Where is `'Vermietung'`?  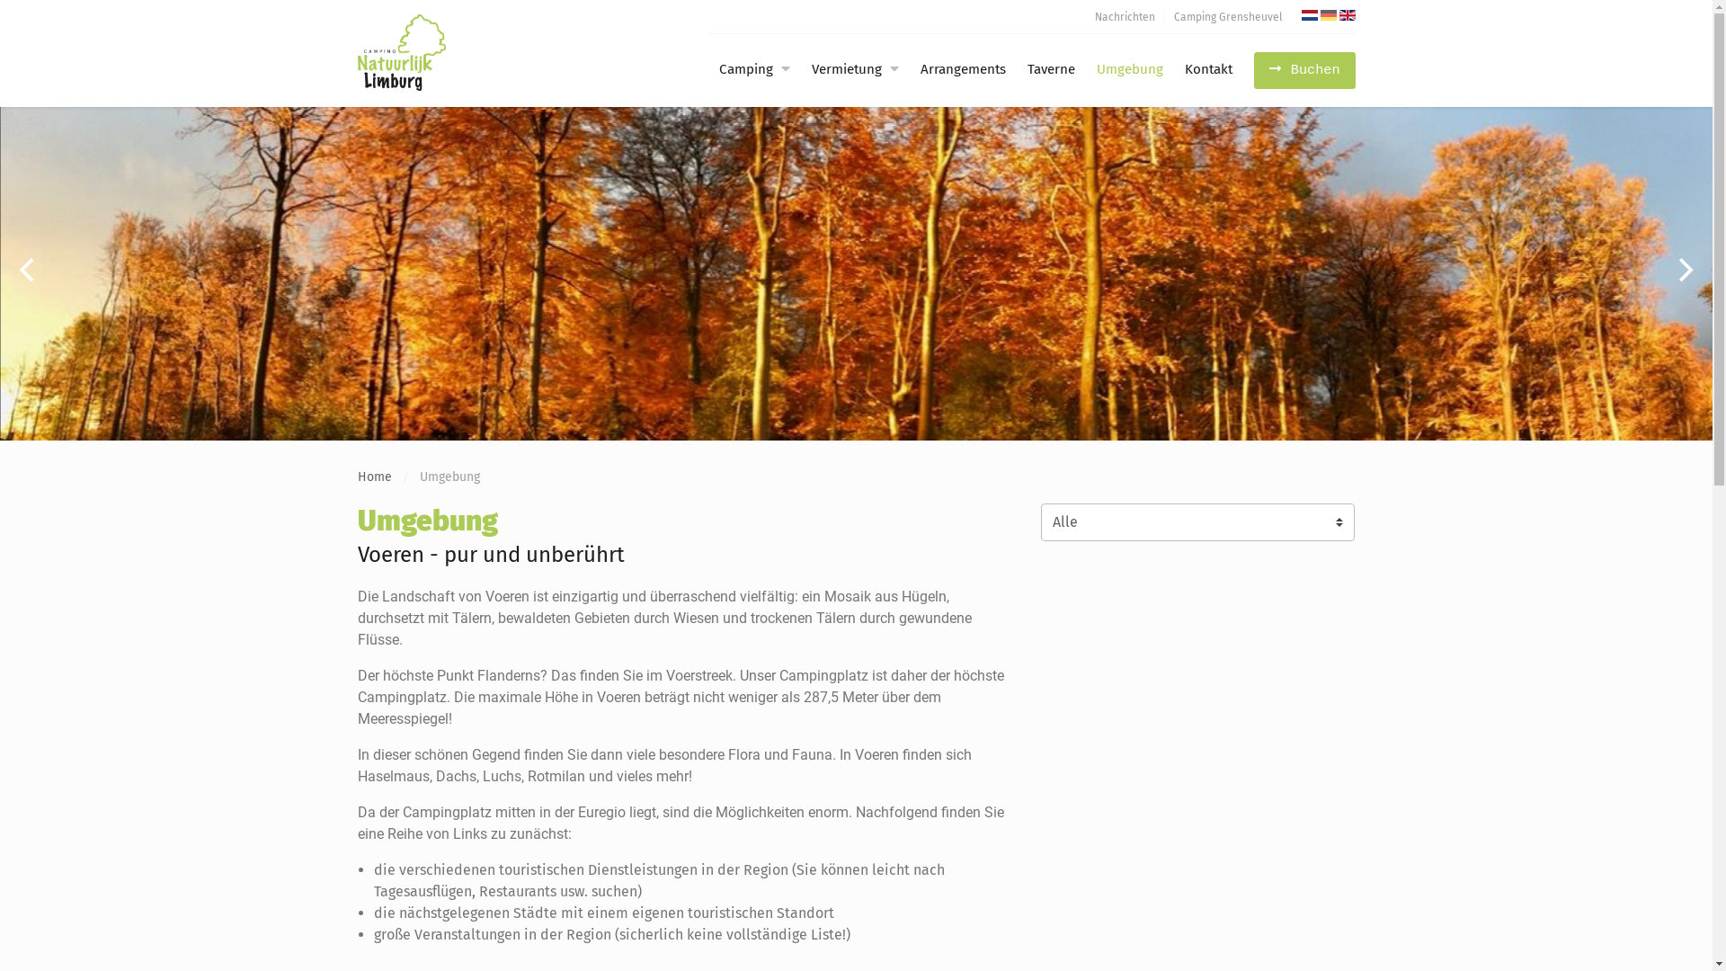 'Vermietung' is located at coordinates (841, 68).